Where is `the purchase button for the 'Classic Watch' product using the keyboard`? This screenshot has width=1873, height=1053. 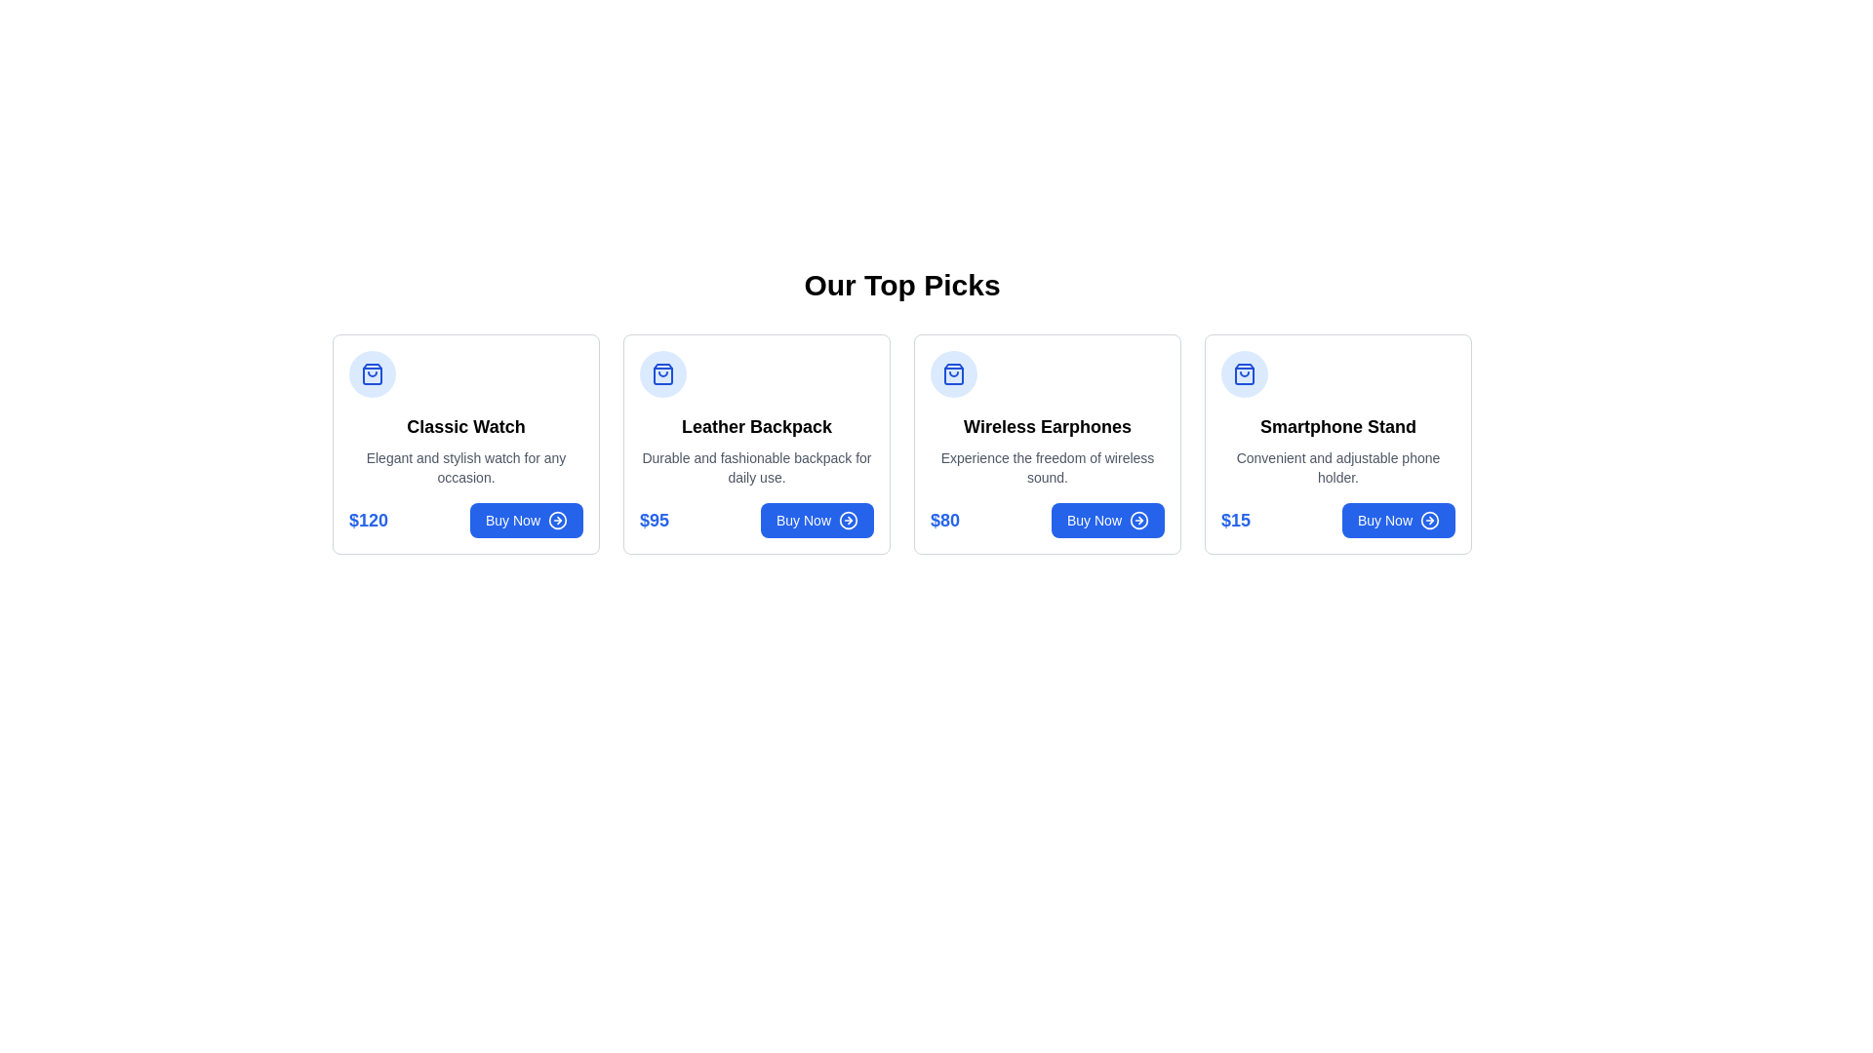 the purchase button for the 'Classic Watch' product using the keyboard is located at coordinates (526, 519).